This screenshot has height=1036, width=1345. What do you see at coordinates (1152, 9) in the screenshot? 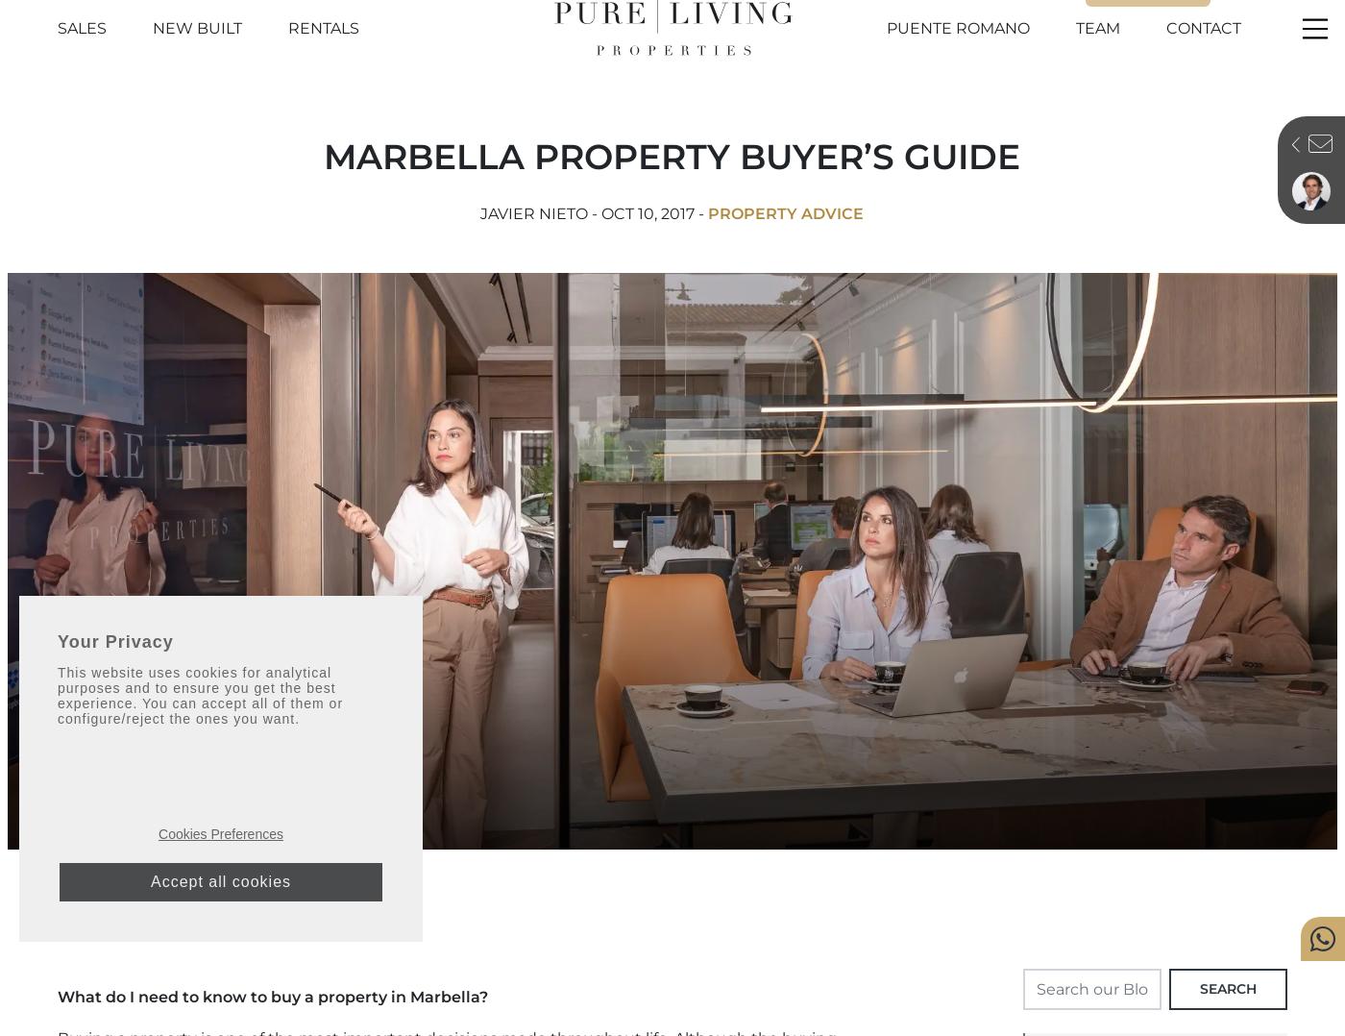
I see `'Properties saved'` at bounding box center [1152, 9].